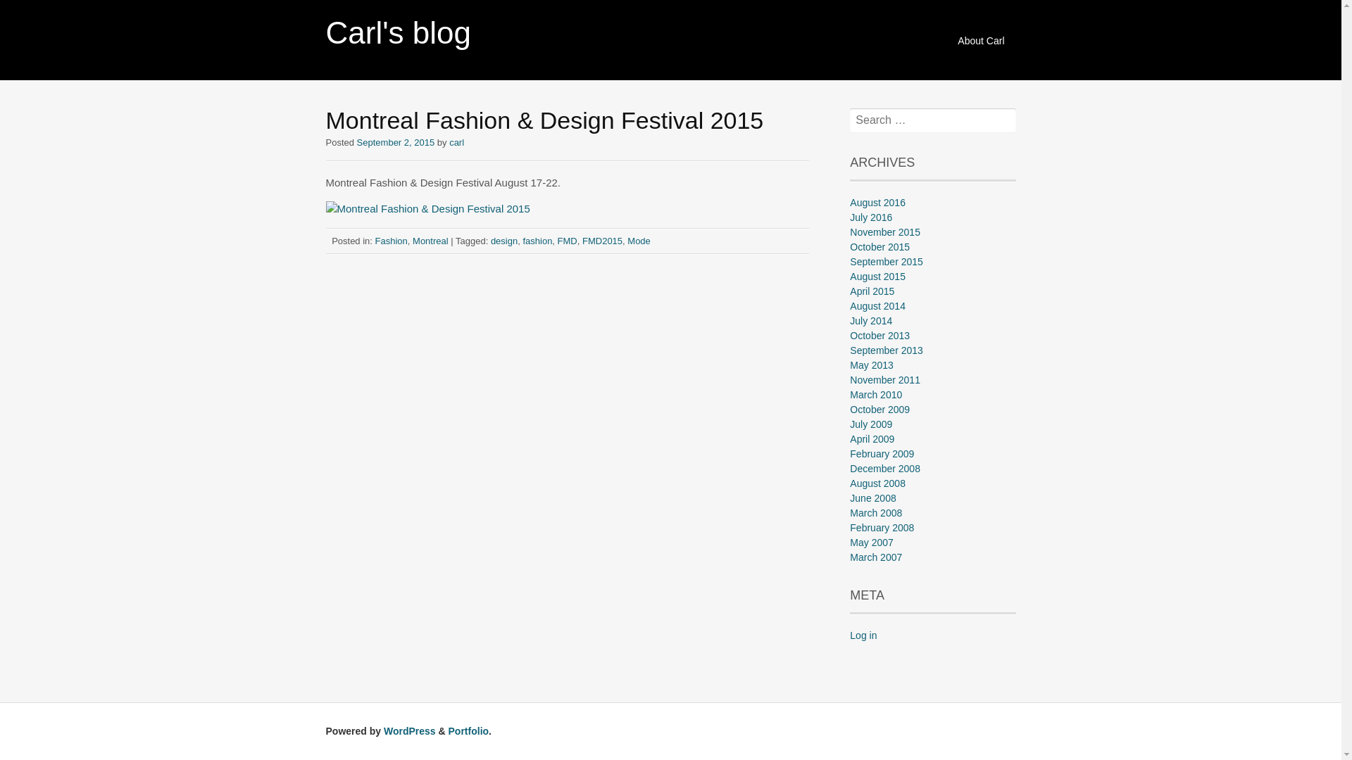 The height and width of the screenshot is (760, 1352). Describe the element at coordinates (879, 246) in the screenshot. I see `'October 2015'` at that location.